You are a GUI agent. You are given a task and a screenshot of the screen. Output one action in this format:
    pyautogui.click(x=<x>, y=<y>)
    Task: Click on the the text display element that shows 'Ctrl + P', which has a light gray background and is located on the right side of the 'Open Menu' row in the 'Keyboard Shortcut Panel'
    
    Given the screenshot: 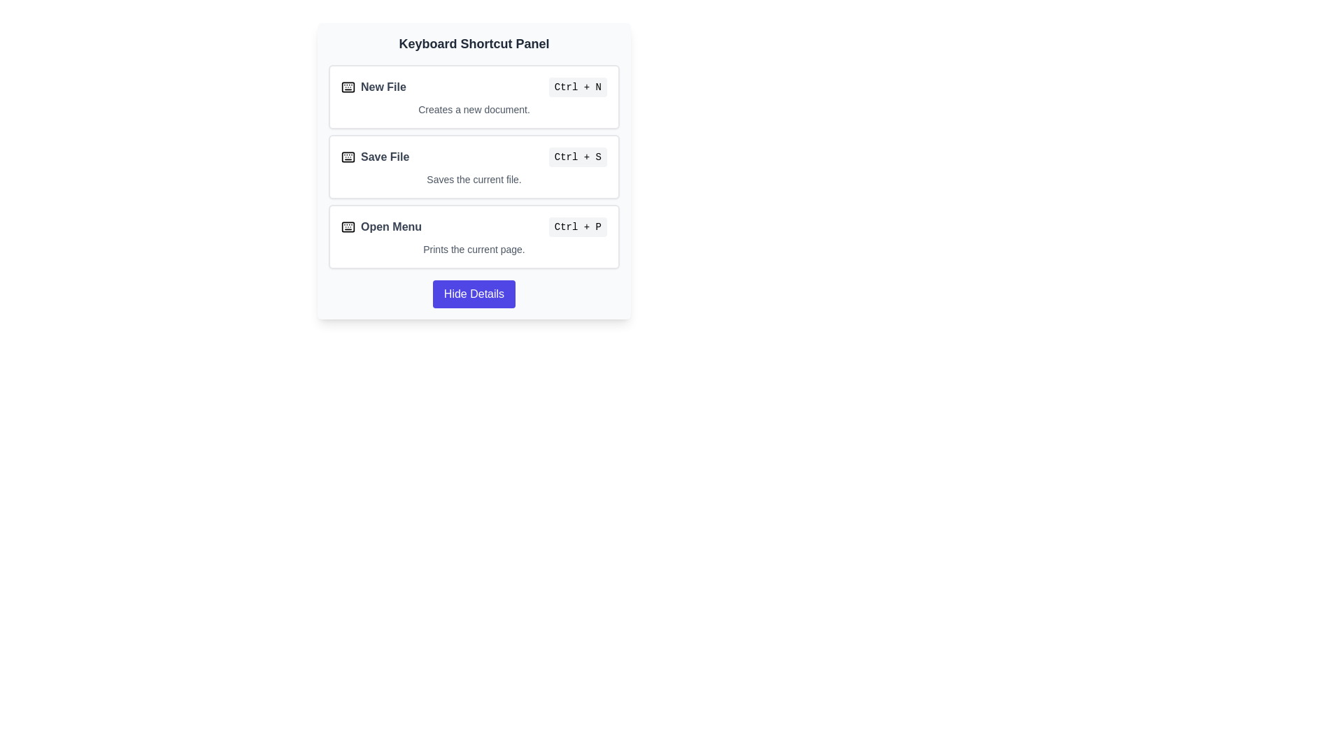 What is the action you would take?
    pyautogui.click(x=578, y=226)
    